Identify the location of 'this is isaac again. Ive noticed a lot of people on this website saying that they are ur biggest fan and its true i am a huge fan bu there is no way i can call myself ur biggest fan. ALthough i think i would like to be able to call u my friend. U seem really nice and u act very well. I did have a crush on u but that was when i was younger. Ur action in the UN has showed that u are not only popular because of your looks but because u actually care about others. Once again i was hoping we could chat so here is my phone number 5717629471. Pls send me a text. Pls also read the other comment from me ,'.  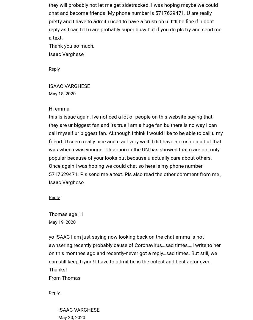
(135, 145).